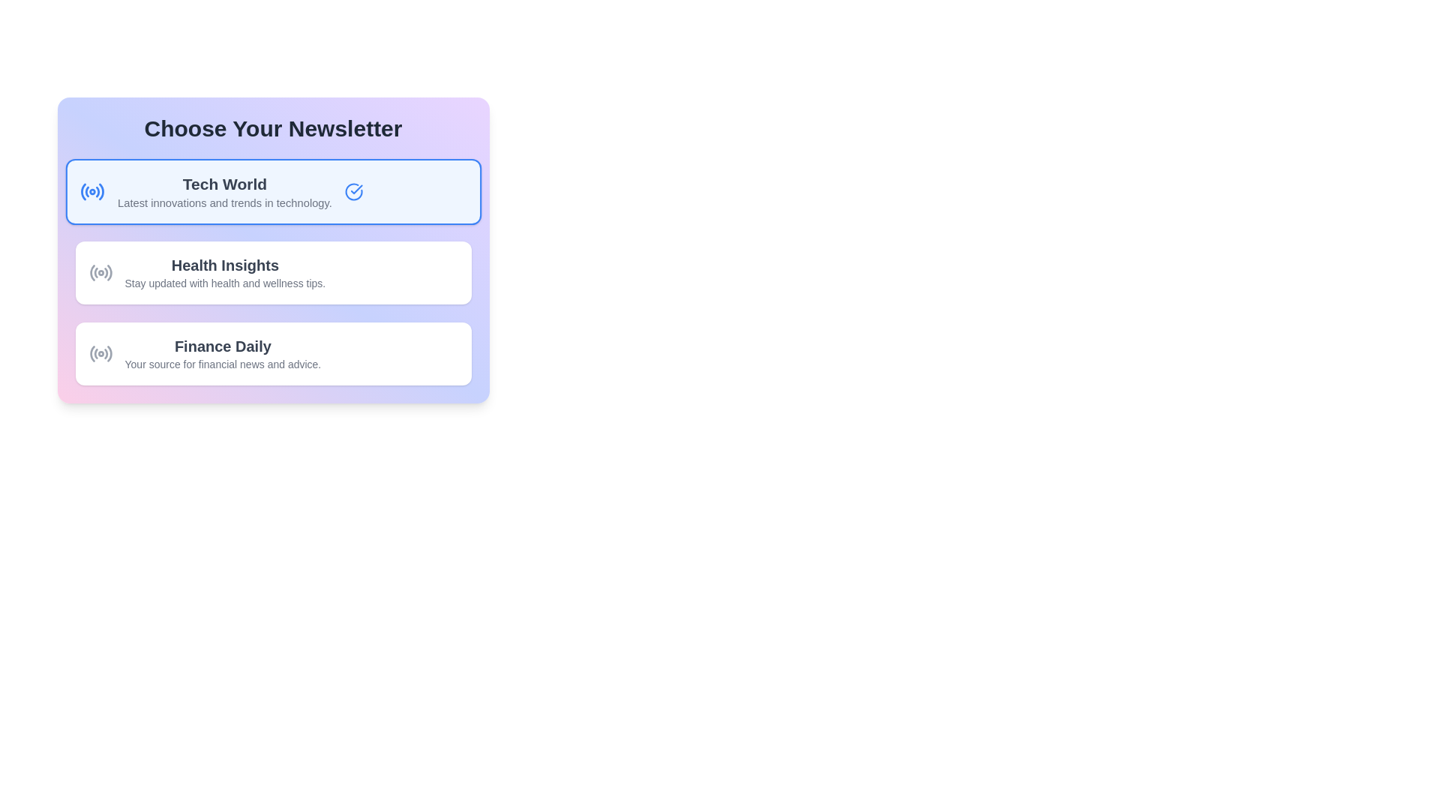 The height and width of the screenshot is (810, 1440). What do you see at coordinates (100, 272) in the screenshot?
I see `the circular icon resembling a radio or signal symbol located in the 'Health Insights' section of the newsletter card` at bounding box center [100, 272].